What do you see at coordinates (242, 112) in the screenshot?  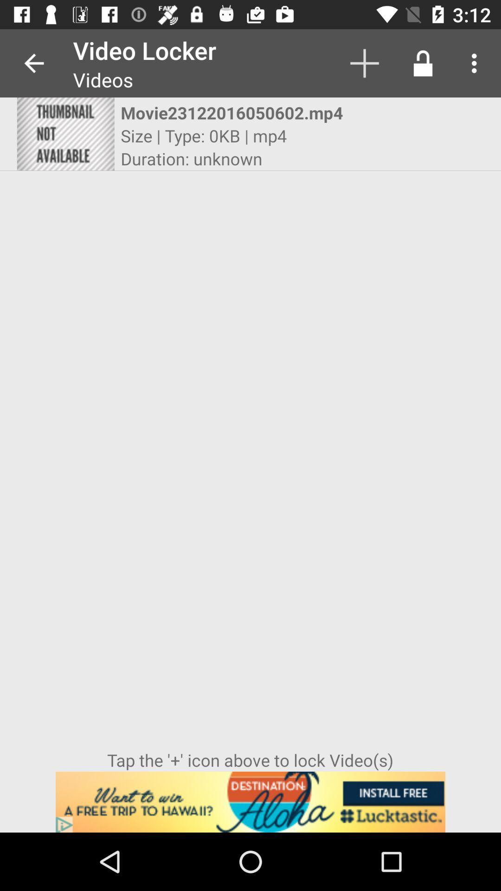 I see `the item below videos app` at bounding box center [242, 112].